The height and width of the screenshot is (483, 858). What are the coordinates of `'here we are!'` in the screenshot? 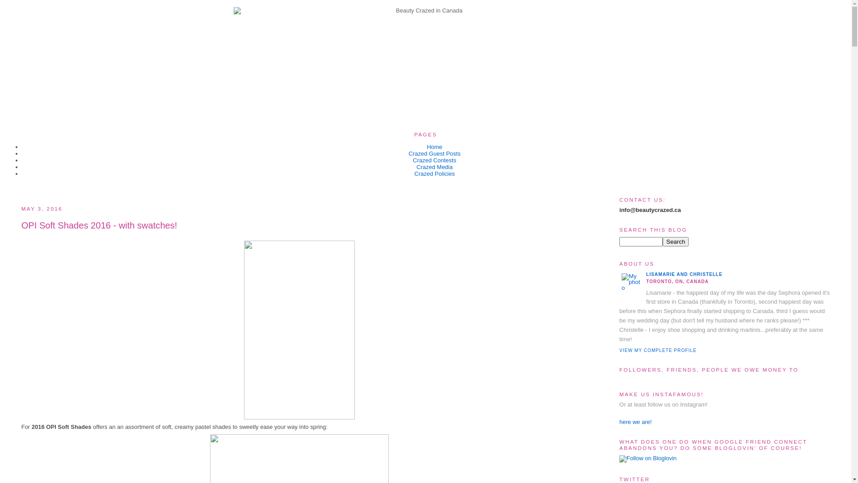 It's located at (635, 422).